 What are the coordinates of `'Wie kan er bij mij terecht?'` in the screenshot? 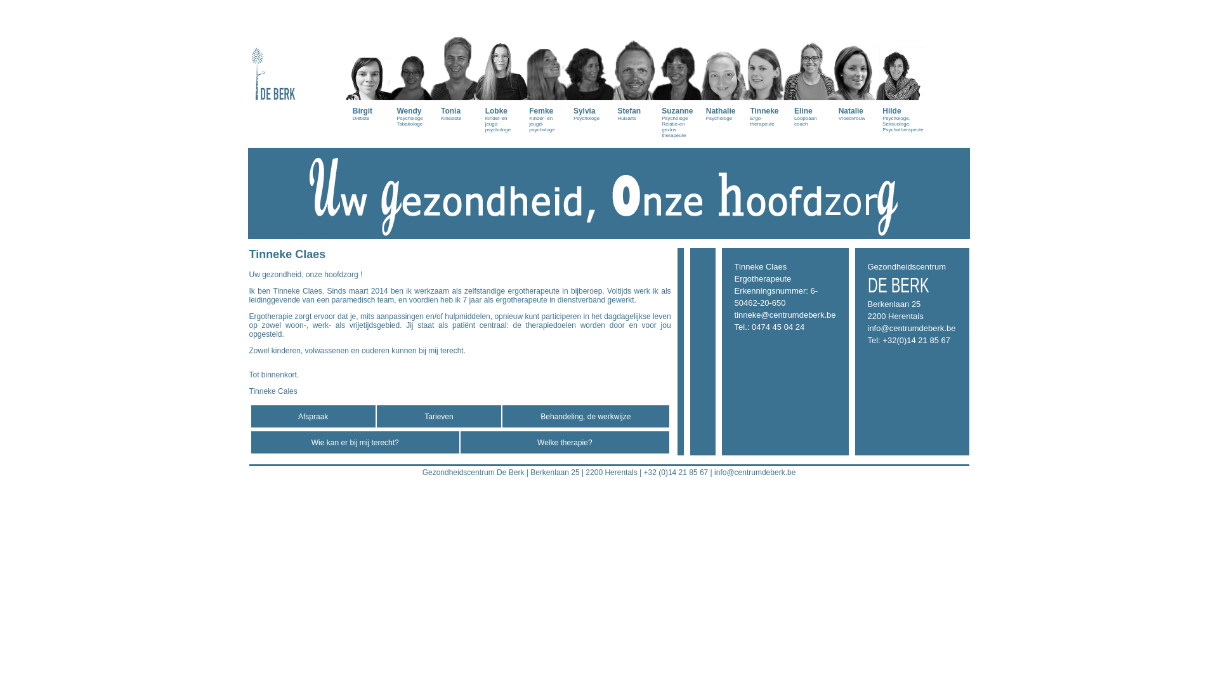 It's located at (355, 441).